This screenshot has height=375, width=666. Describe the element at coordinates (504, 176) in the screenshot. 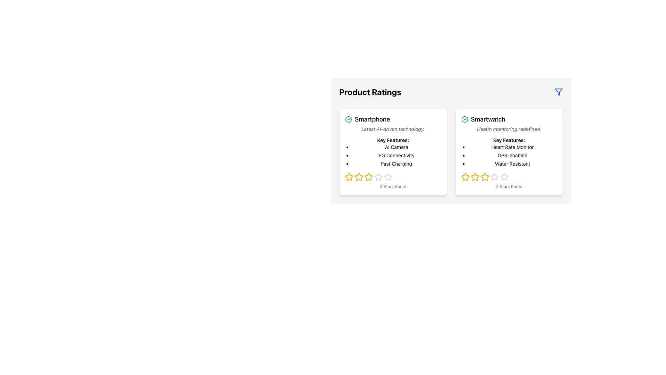

I see `the fourth star` at that location.